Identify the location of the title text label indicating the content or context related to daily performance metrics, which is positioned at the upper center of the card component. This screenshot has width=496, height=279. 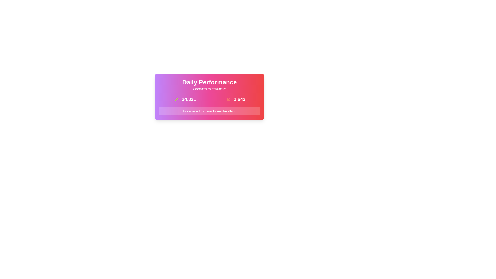
(210, 82).